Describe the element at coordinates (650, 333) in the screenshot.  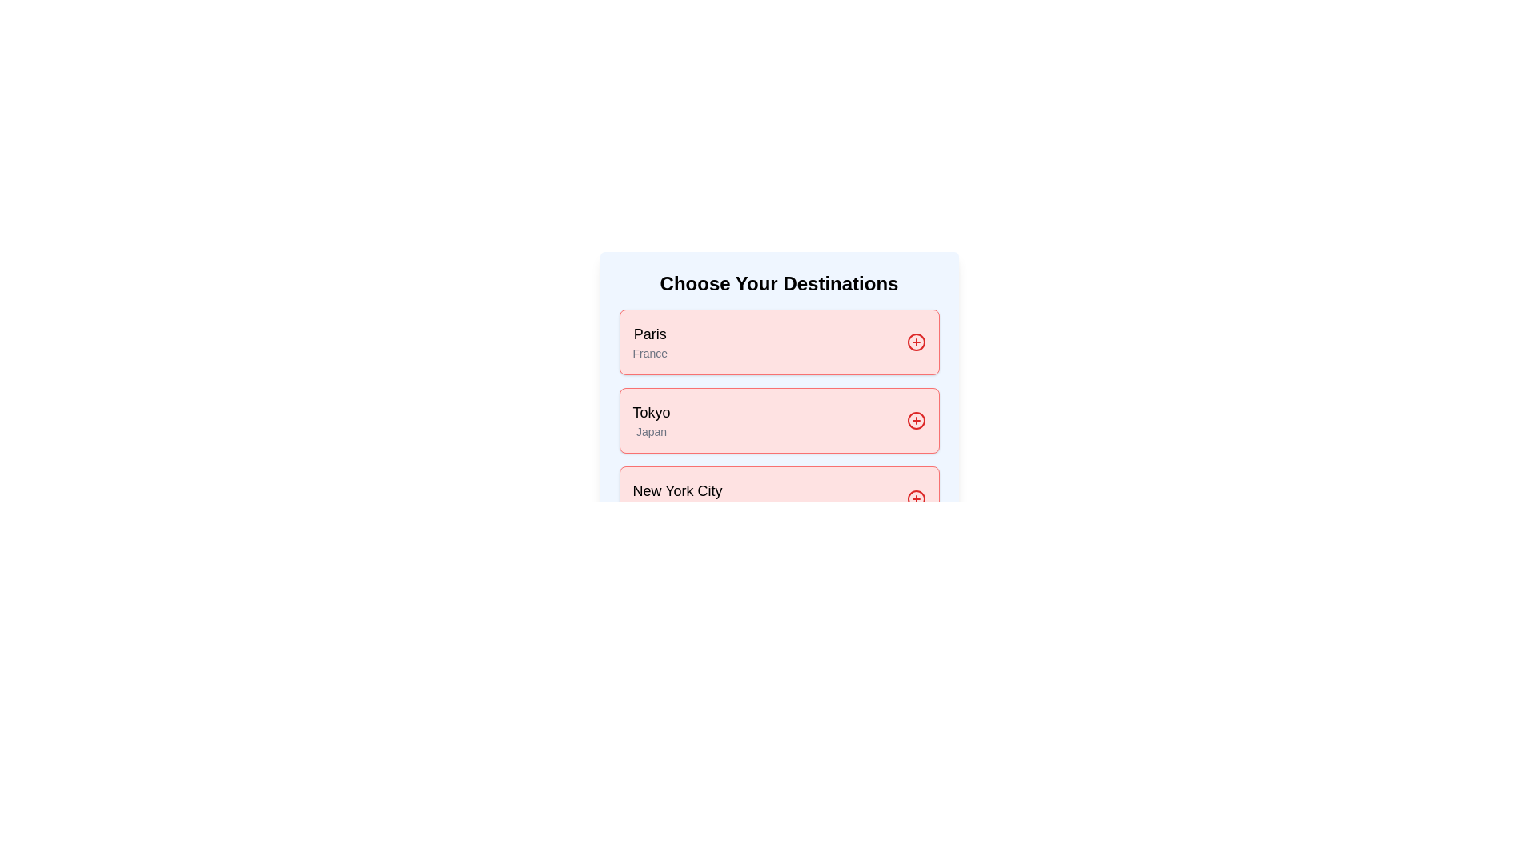
I see `the text label displaying 'Paris' which is styled in medium-sized bold font, located at the top left corner of the first block in a vertical list of destination cards` at that location.